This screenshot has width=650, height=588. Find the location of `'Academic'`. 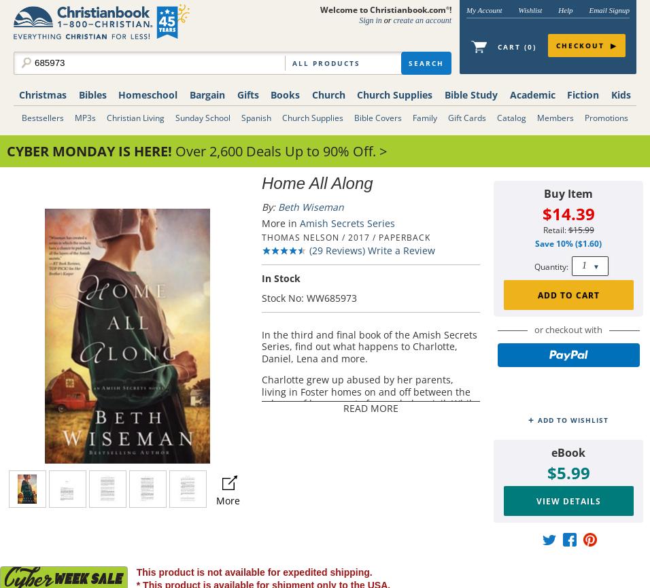

'Academic' is located at coordinates (531, 94).